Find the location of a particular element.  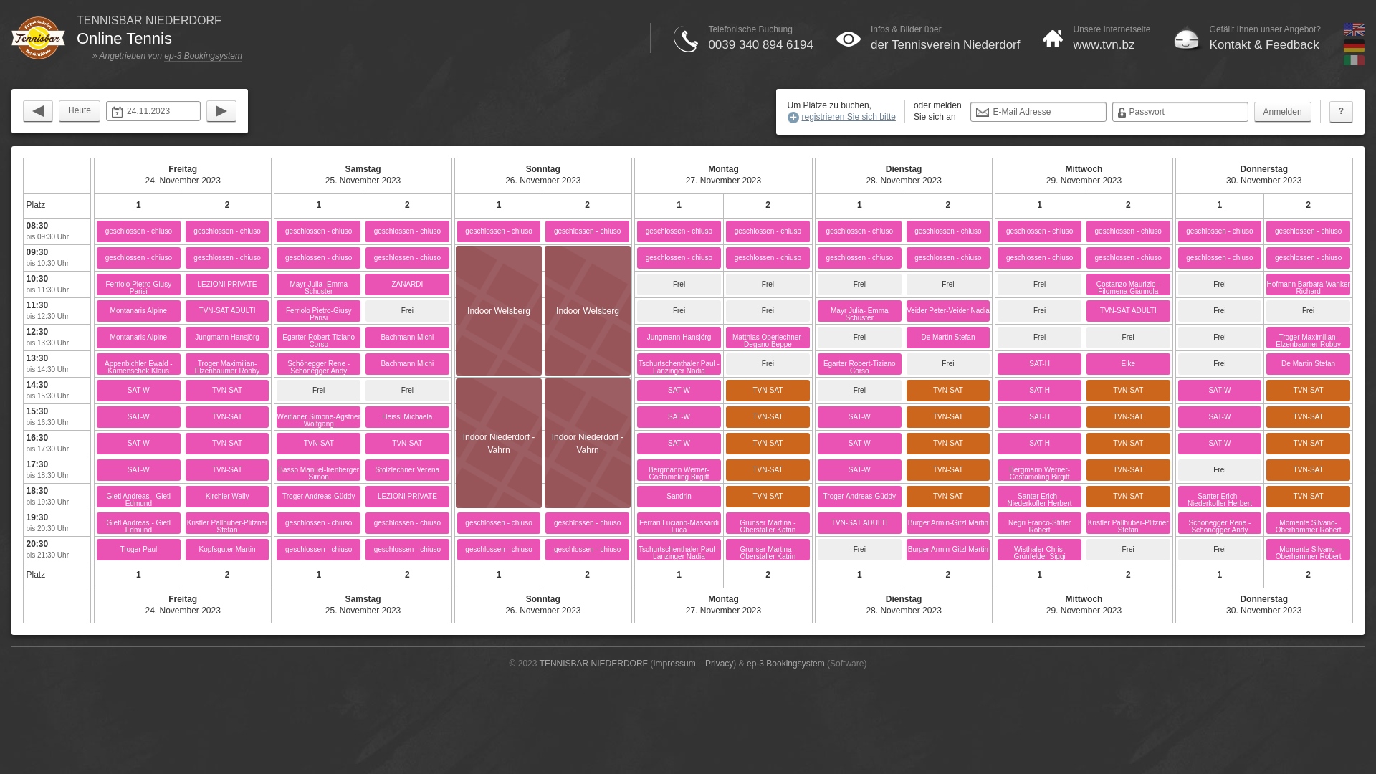

'geschlossen - chiuso' is located at coordinates (226, 257).